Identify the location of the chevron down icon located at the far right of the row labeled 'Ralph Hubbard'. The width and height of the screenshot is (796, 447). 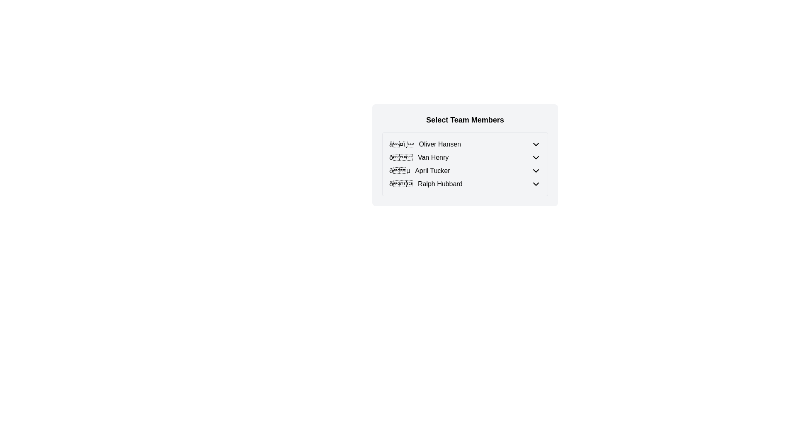
(536, 183).